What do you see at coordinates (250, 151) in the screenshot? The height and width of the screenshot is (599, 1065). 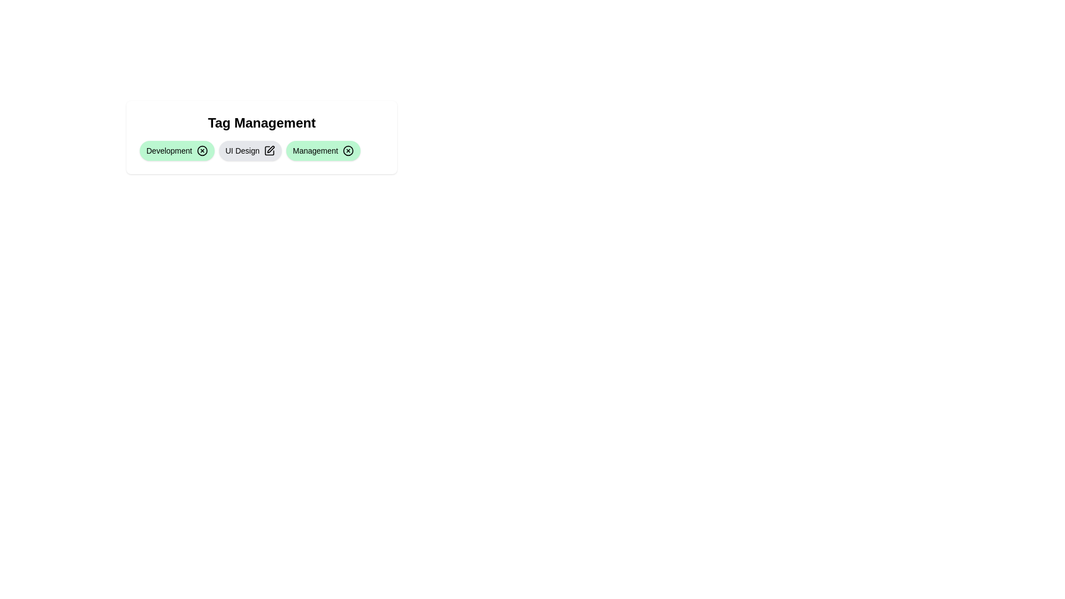 I see `the tag labeled UI Design` at bounding box center [250, 151].